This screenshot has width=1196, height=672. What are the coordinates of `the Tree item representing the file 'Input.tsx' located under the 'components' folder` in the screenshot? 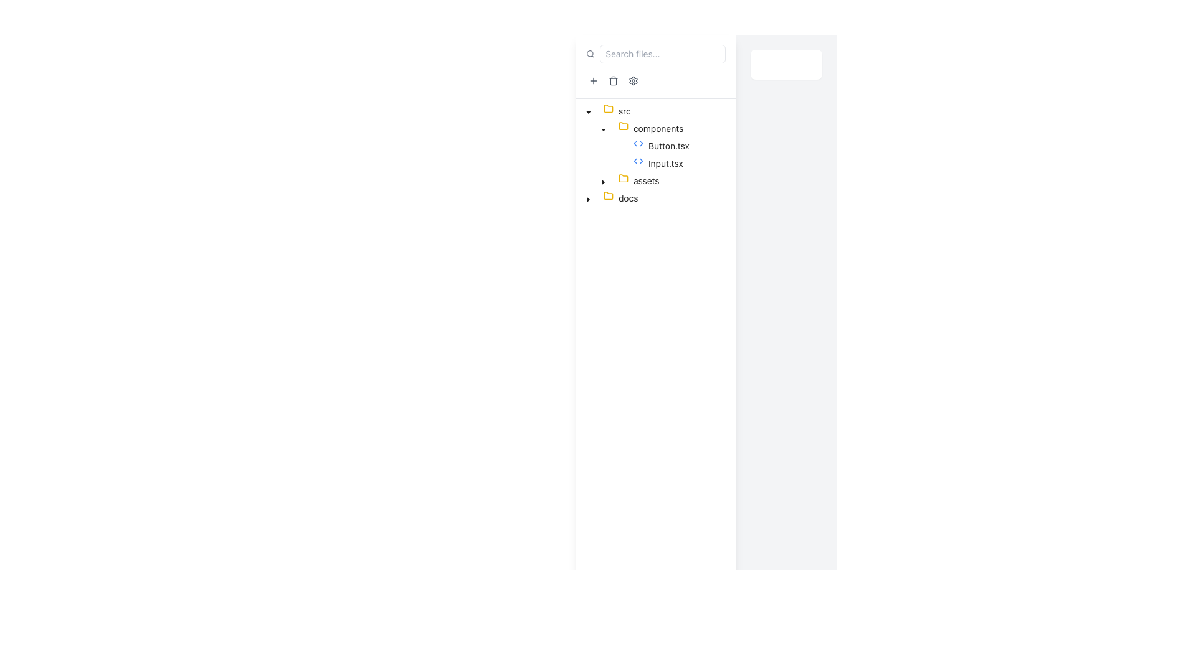 It's located at (634, 162).